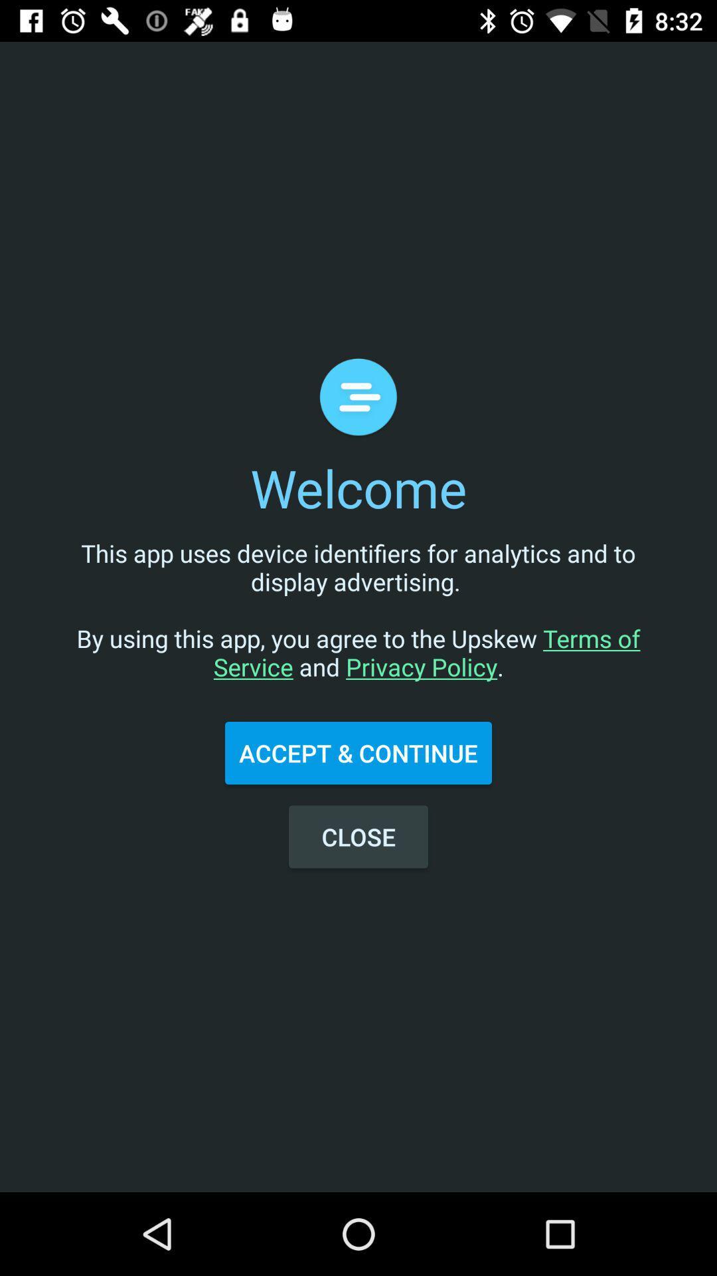 The image size is (717, 1276). Describe the element at coordinates (358, 623) in the screenshot. I see `the this app uses` at that location.